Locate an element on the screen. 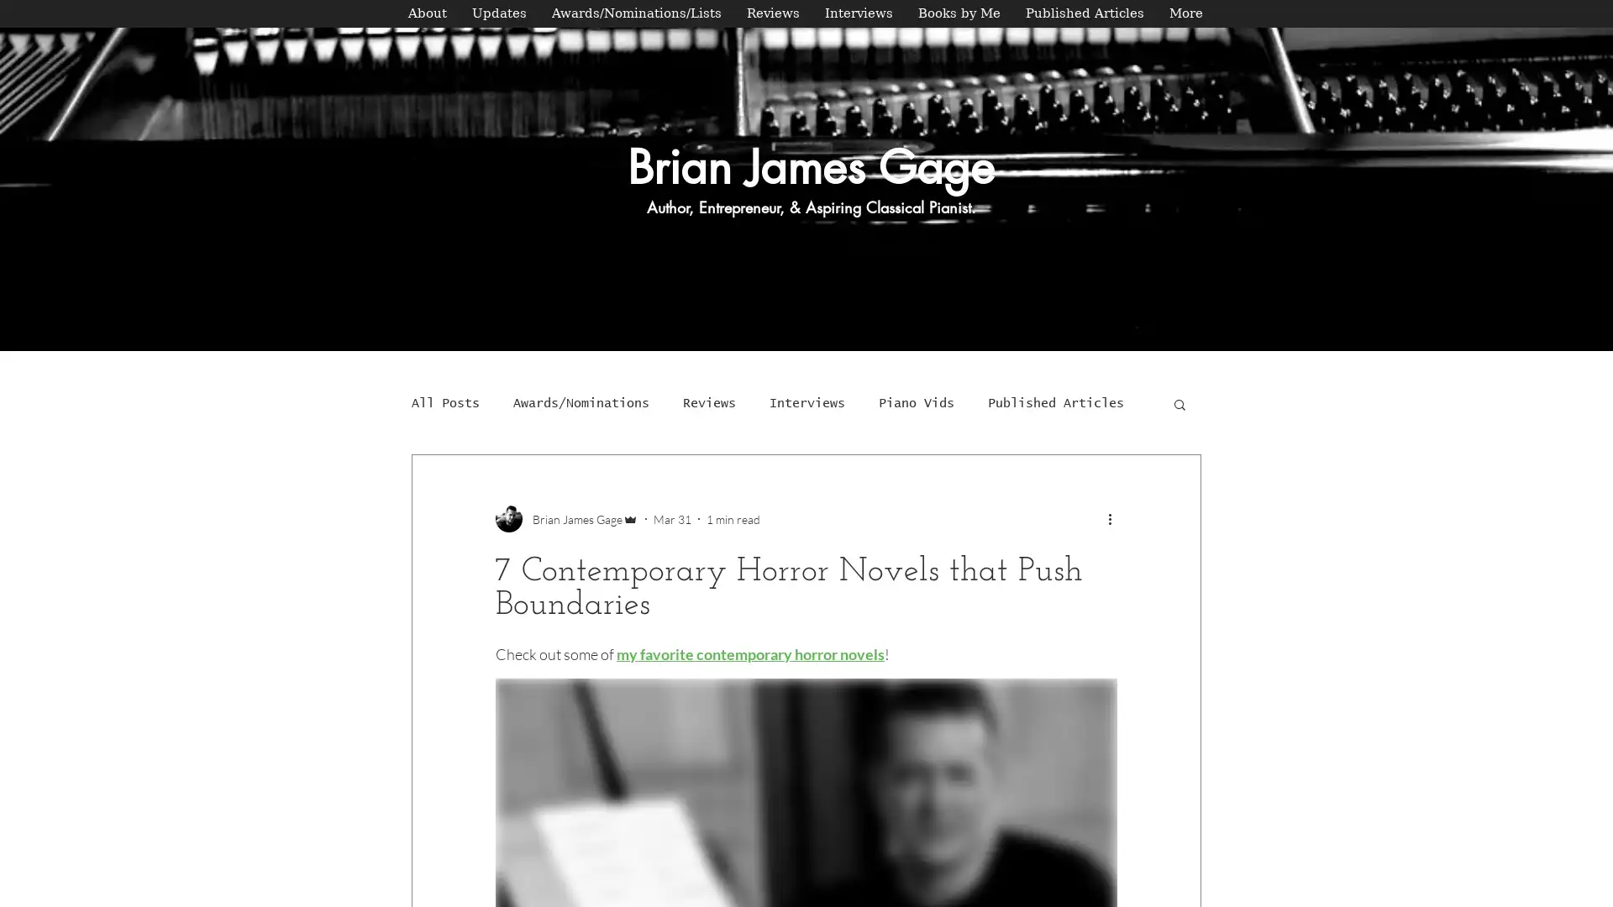  Piano Vids is located at coordinates (915, 404).